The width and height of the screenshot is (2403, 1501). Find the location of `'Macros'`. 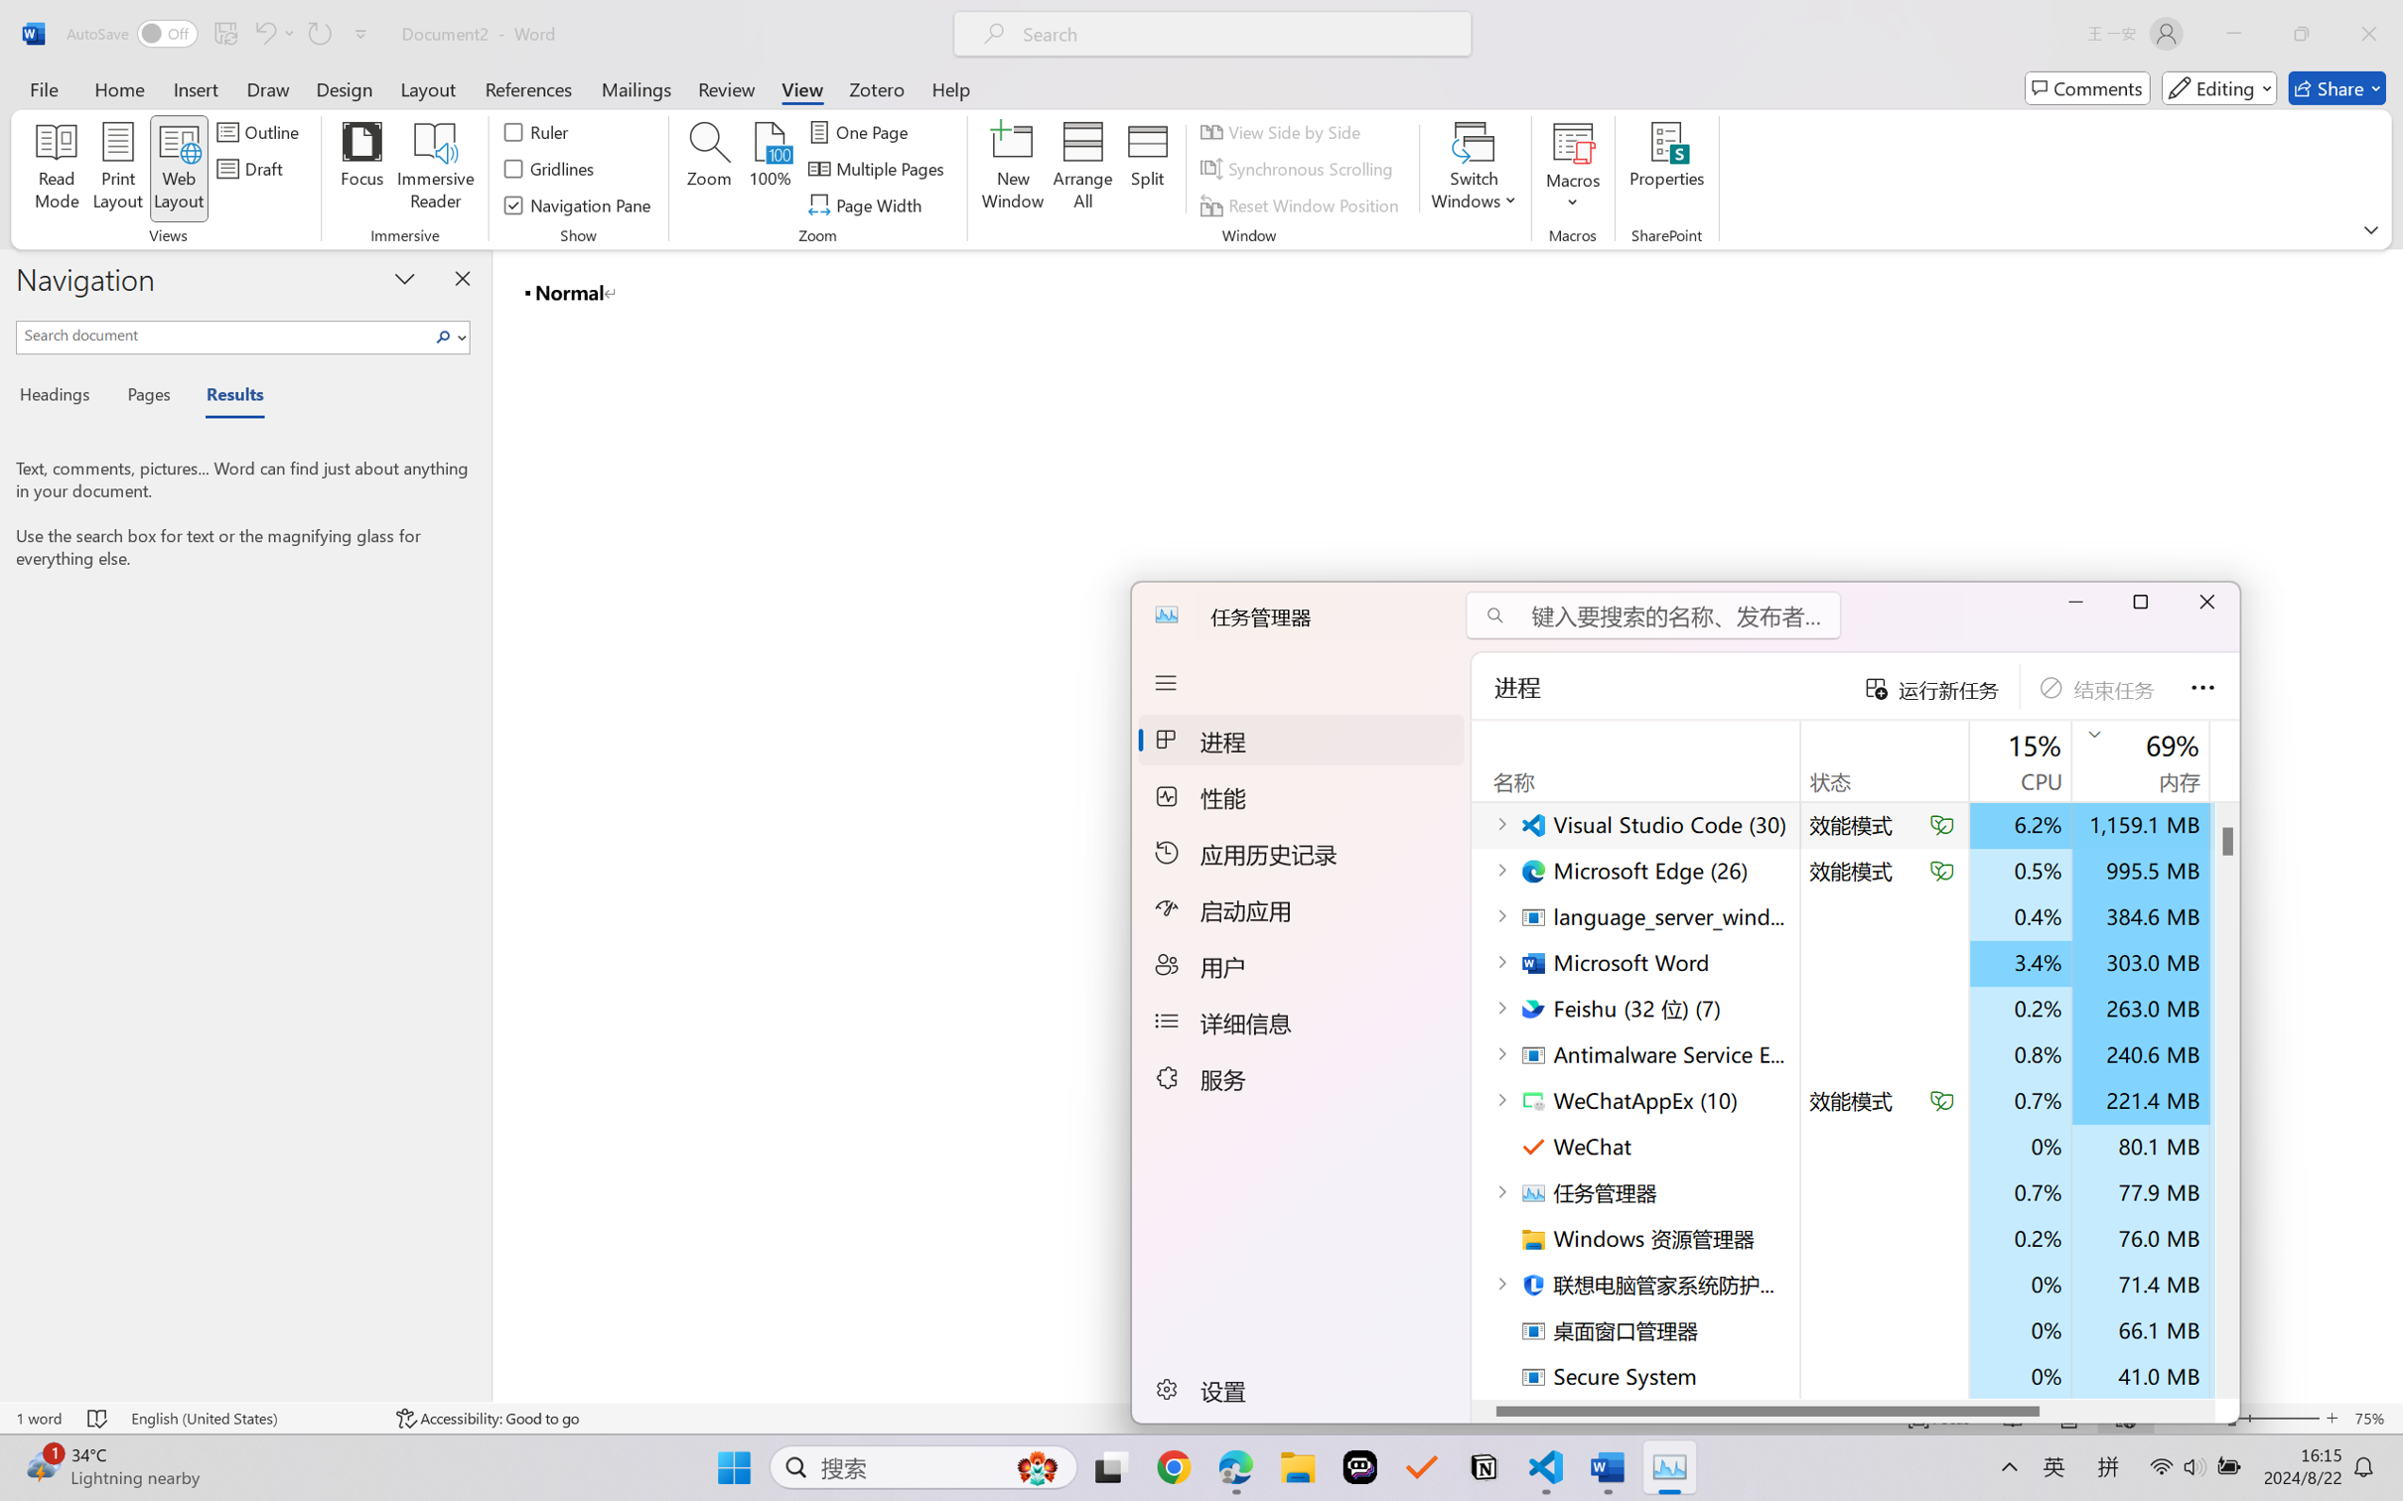

'Macros' is located at coordinates (1572, 169).